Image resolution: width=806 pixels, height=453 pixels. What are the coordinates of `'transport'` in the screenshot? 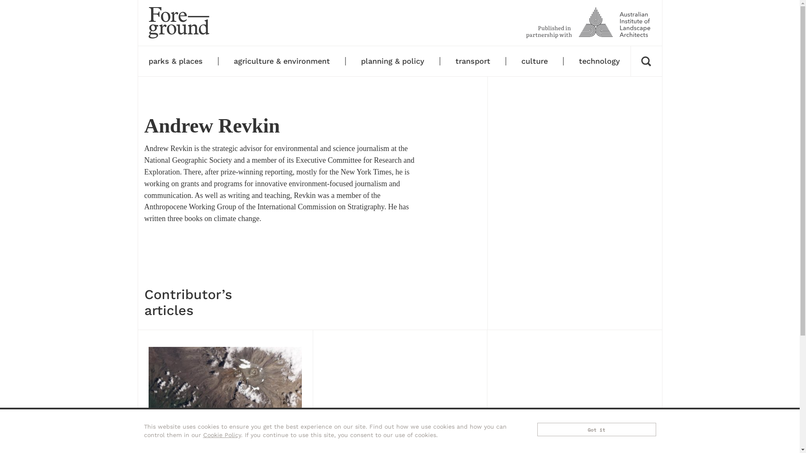 It's located at (472, 61).